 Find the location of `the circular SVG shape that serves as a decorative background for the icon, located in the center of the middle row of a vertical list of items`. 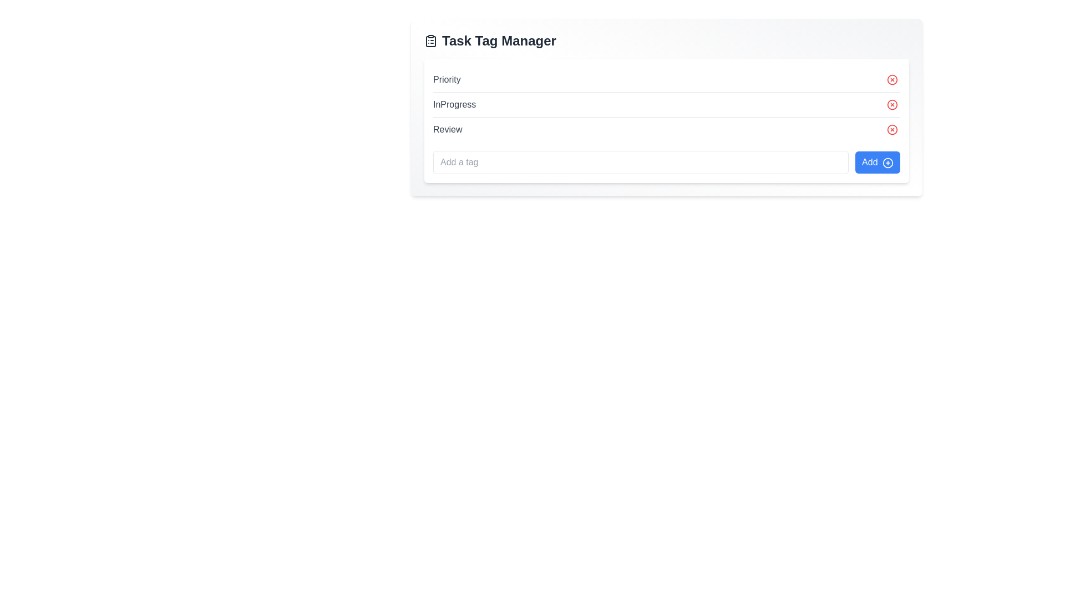

the circular SVG shape that serves as a decorative background for the icon, located in the center of the middle row of a vertical list of items is located at coordinates (892, 105).